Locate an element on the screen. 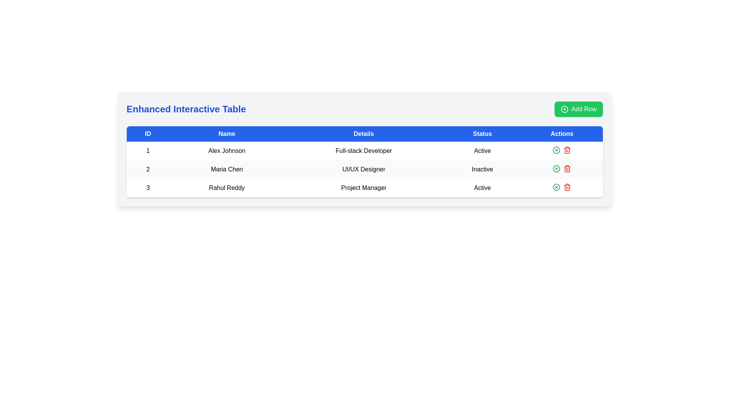 This screenshot has height=417, width=742. the green 'Add Row' button with a plus icon is located at coordinates (579, 109).